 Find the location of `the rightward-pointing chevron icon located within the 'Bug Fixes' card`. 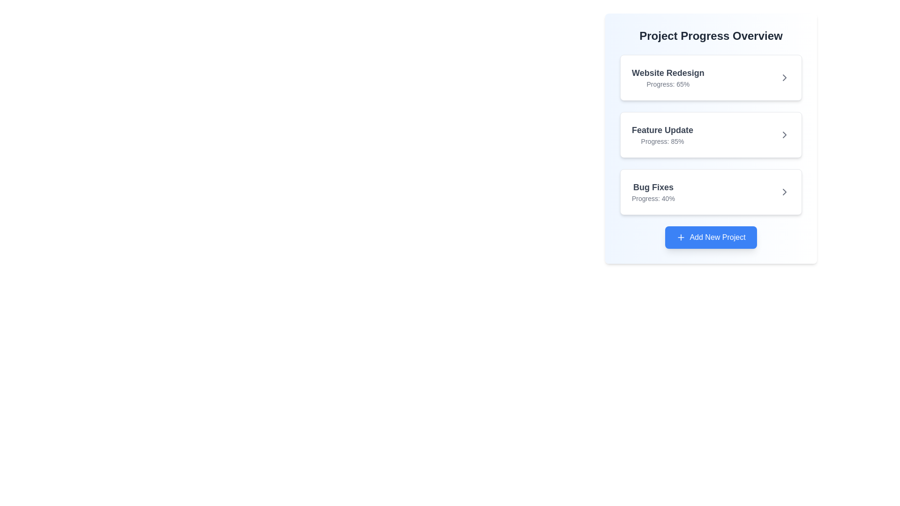

the rightward-pointing chevron icon located within the 'Bug Fixes' card is located at coordinates (785, 191).